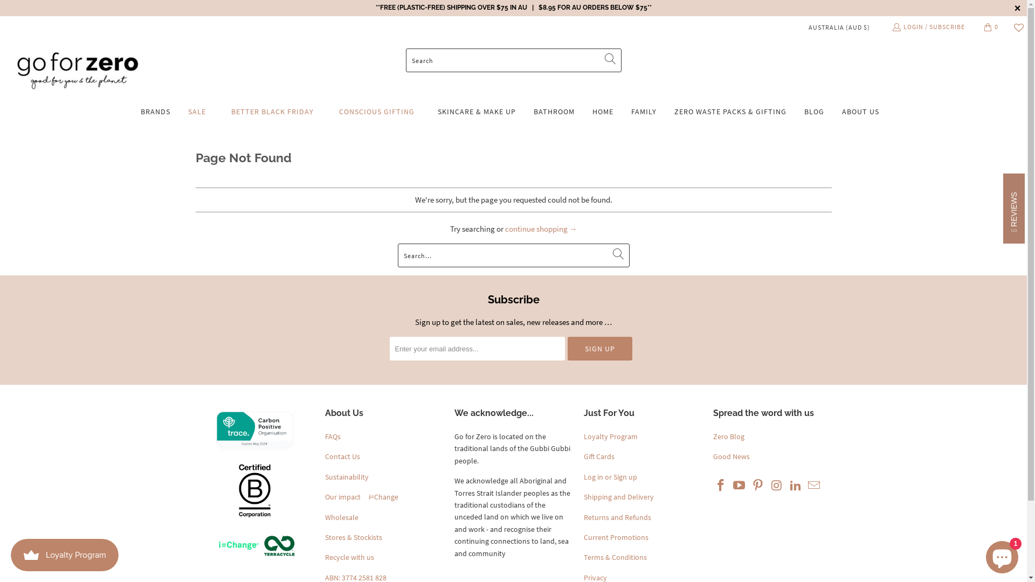 The image size is (1035, 582). I want to click on 'Recycle with us', so click(349, 557).